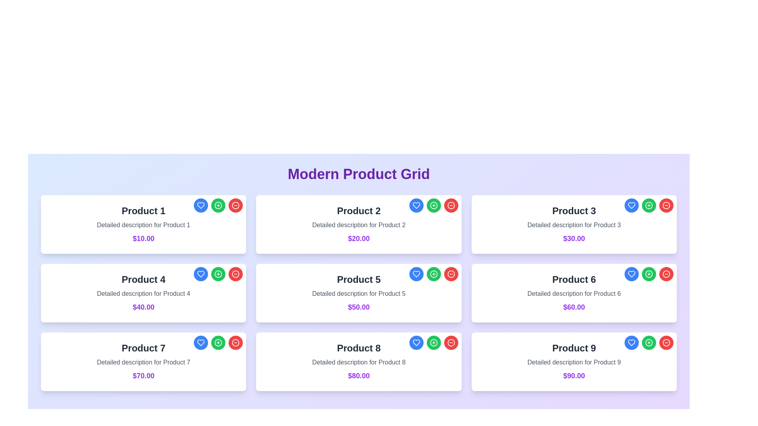 This screenshot has height=426, width=758. Describe the element at coordinates (451, 342) in the screenshot. I see `the circular red button with a minus sign icon located in the top-right corner of the card for 'Product 8'` at that location.